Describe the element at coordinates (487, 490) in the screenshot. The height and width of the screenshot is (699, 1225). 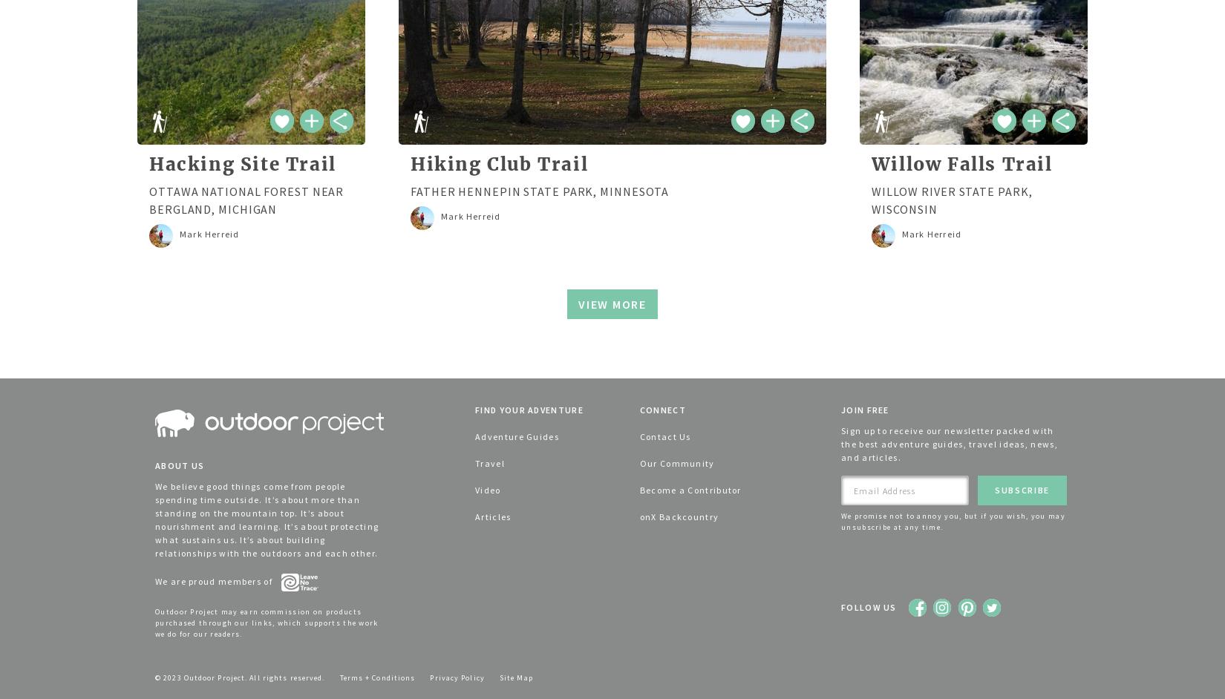
I see `'Video'` at that location.